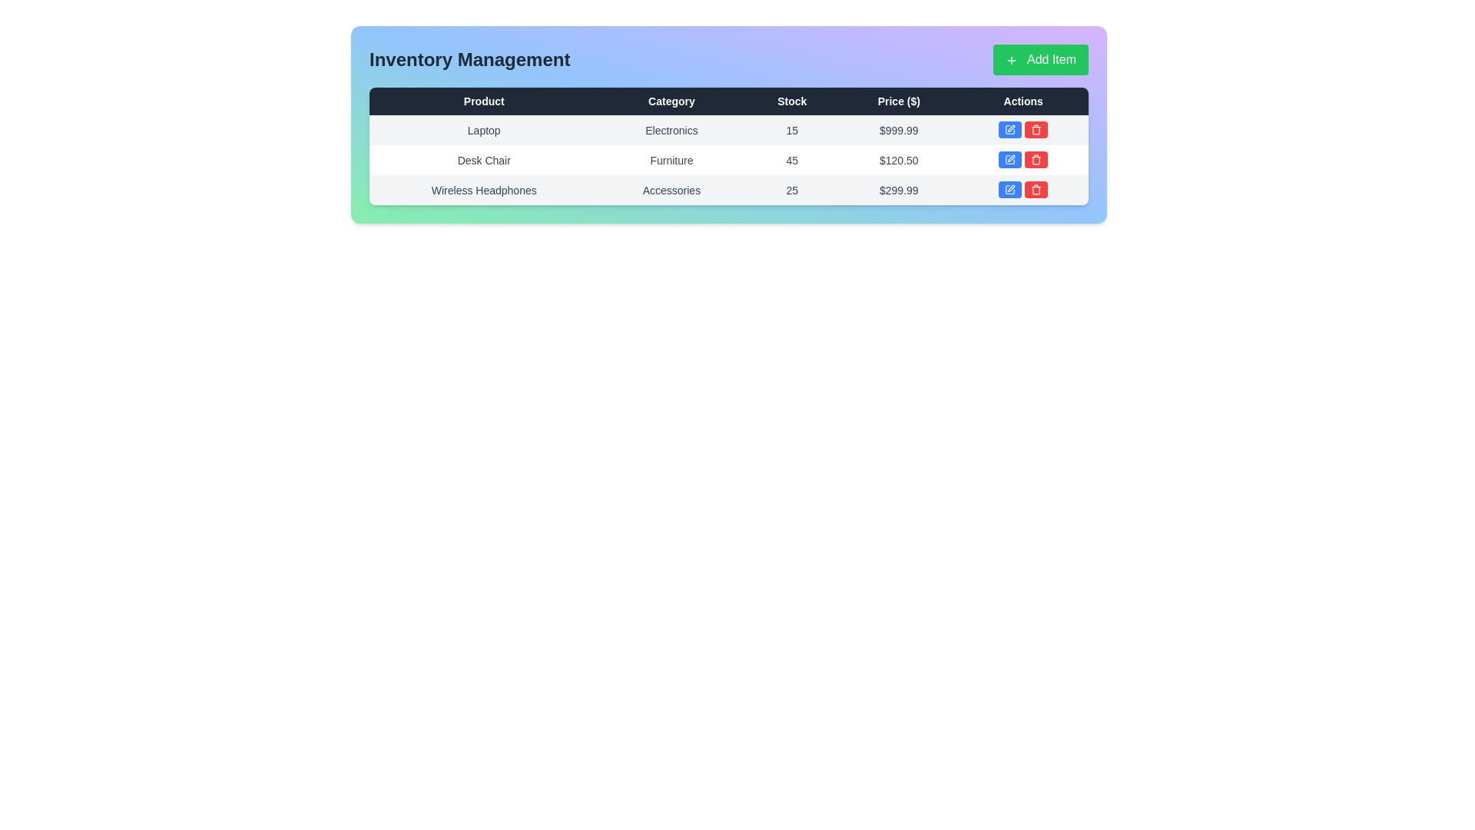 This screenshot has height=830, width=1475. What do you see at coordinates (899, 189) in the screenshot?
I see `the price label for 'Wireless Headphones', which is located in the last row of the Price ($) column in the tabular structure` at bounding box center [899, 189].